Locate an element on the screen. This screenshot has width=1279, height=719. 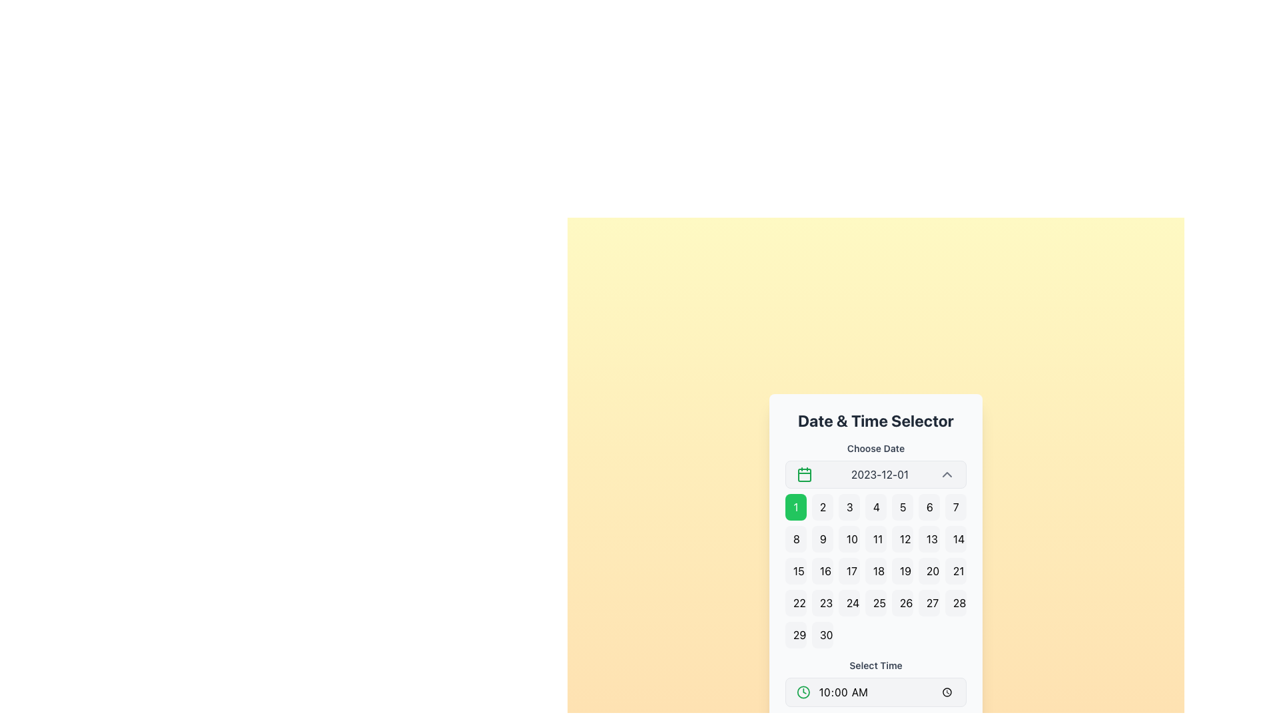
the interactive calendar day button located in the fourth row and first column of the grid is located at coordinates (796, 603).